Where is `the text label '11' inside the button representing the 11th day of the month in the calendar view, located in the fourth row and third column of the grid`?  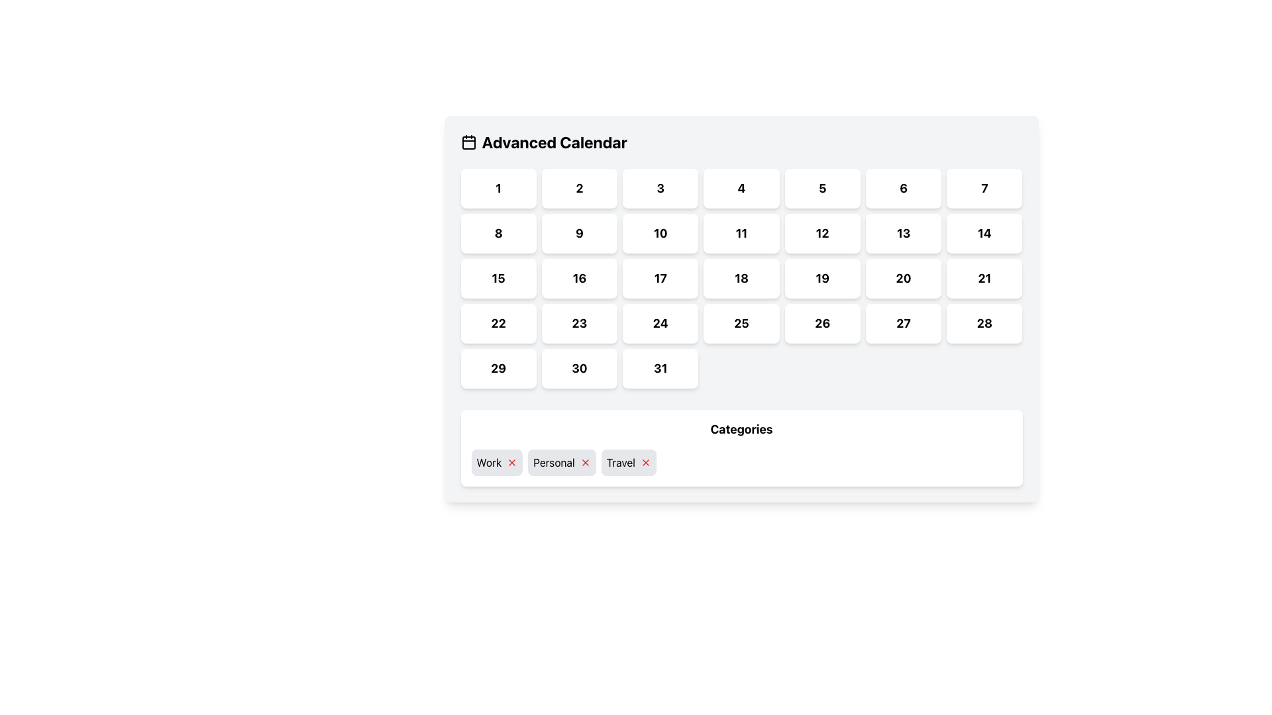 the text label '11' inside the button representing the 11th day of the month in the calendar view, located in the fourth row and third column of the grid is located at coordinates (741, 232).